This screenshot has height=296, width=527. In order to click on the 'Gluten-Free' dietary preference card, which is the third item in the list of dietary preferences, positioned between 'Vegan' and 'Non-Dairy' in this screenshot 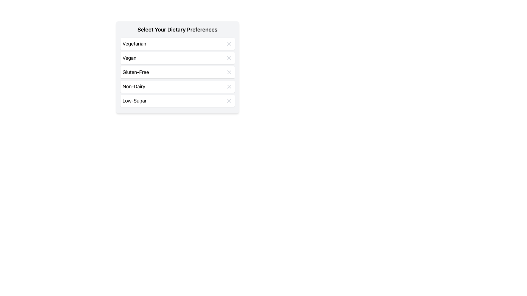, I will do `click(177, 72)`.